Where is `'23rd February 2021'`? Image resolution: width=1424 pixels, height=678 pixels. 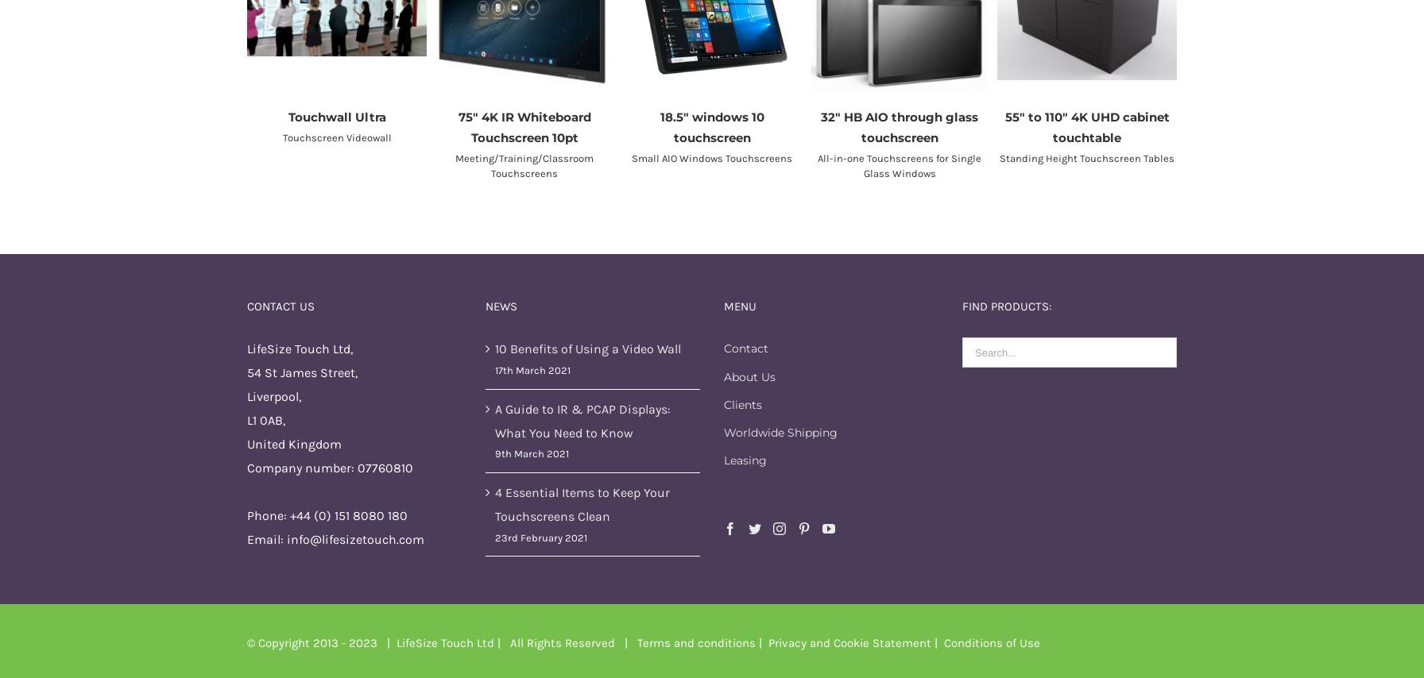
'23rd February 2021' is located at coordinates (540, 536).